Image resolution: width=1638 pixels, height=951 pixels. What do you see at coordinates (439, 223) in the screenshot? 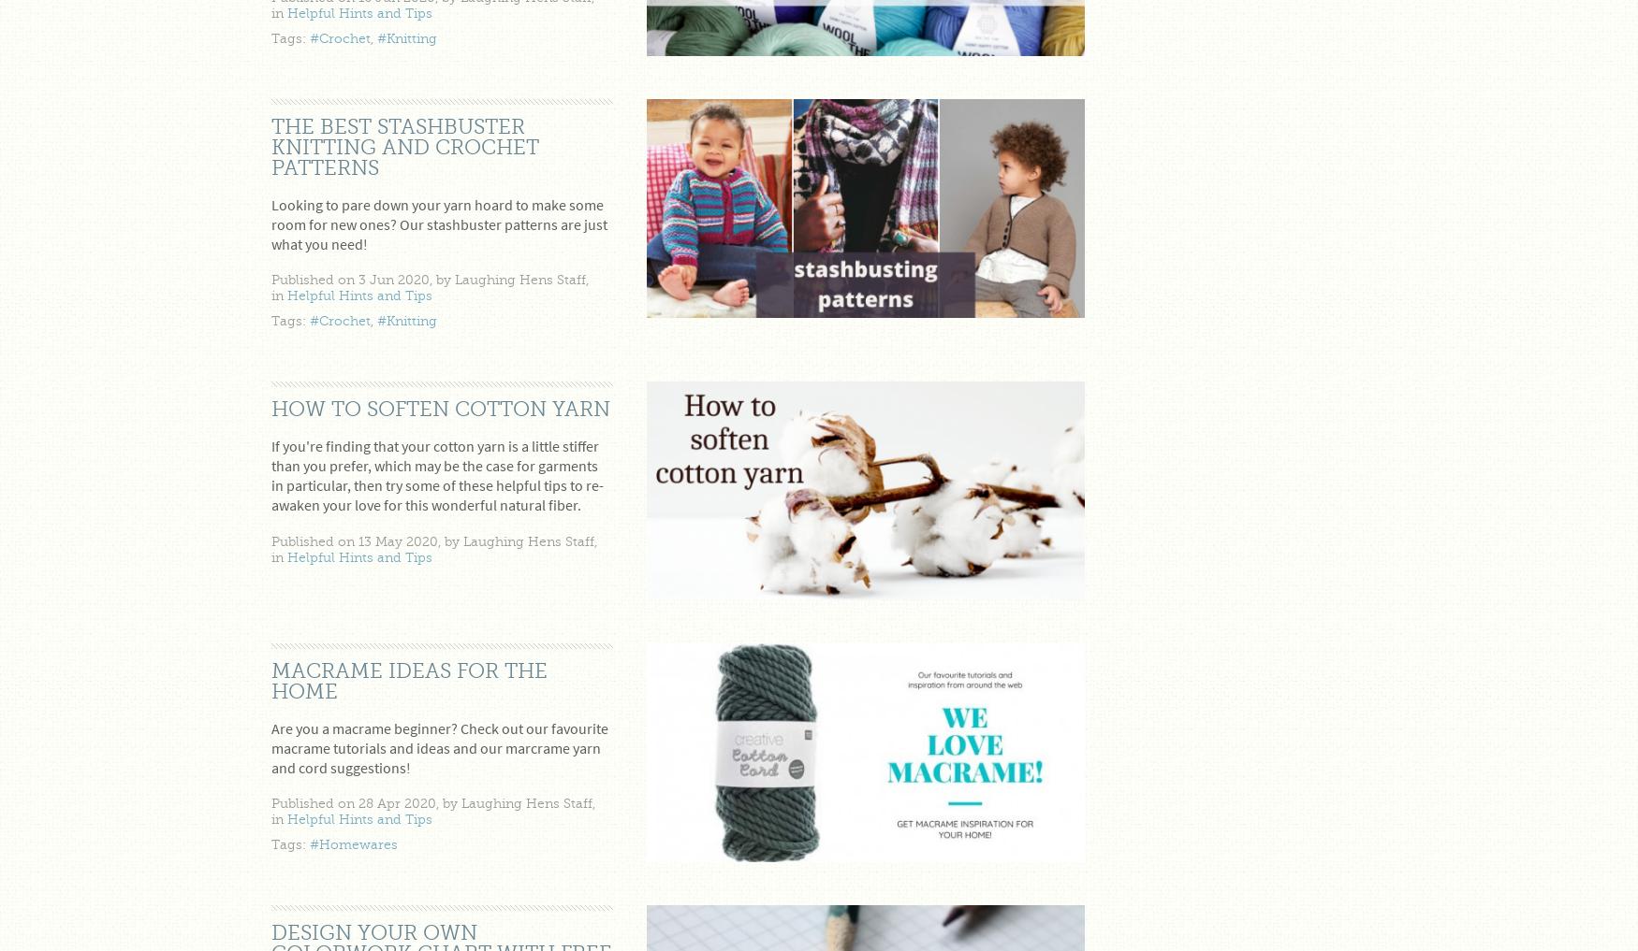
I see `'Looking to pare down your yarn hoard to make some room for new ones? Our stashbuster patterns are just what you need!'` at bounding box center [439, 223].